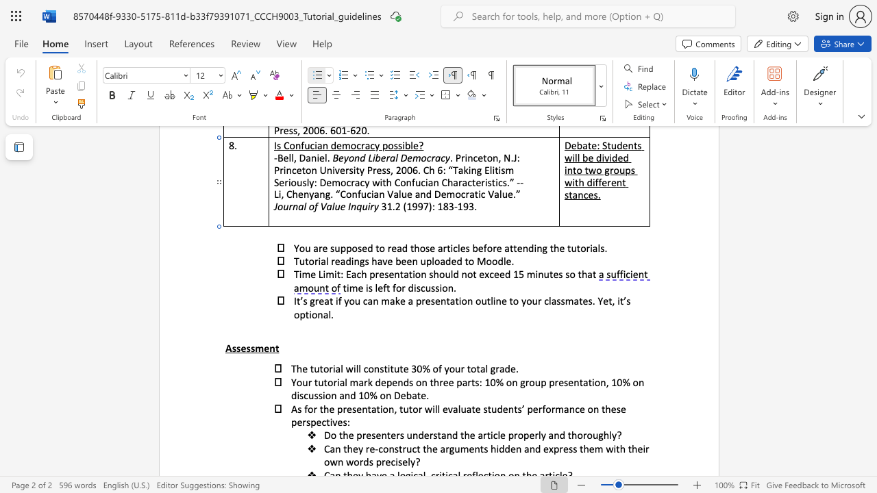 The image size is (877, 493). What do you see at coordinates (388, 368) in the screenshot?
I see `the 1th character "i" in the text` at bounding box center [388, 368].